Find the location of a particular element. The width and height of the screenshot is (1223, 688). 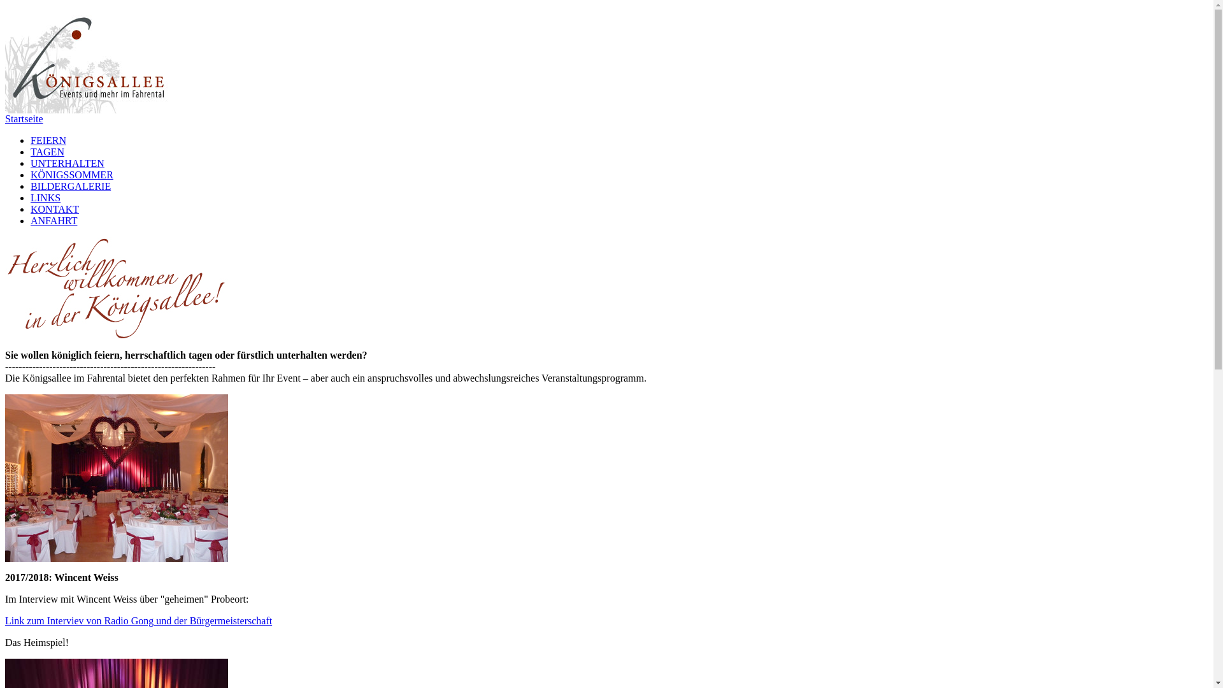

'FEIERN' is located at coordinates (48, 140).